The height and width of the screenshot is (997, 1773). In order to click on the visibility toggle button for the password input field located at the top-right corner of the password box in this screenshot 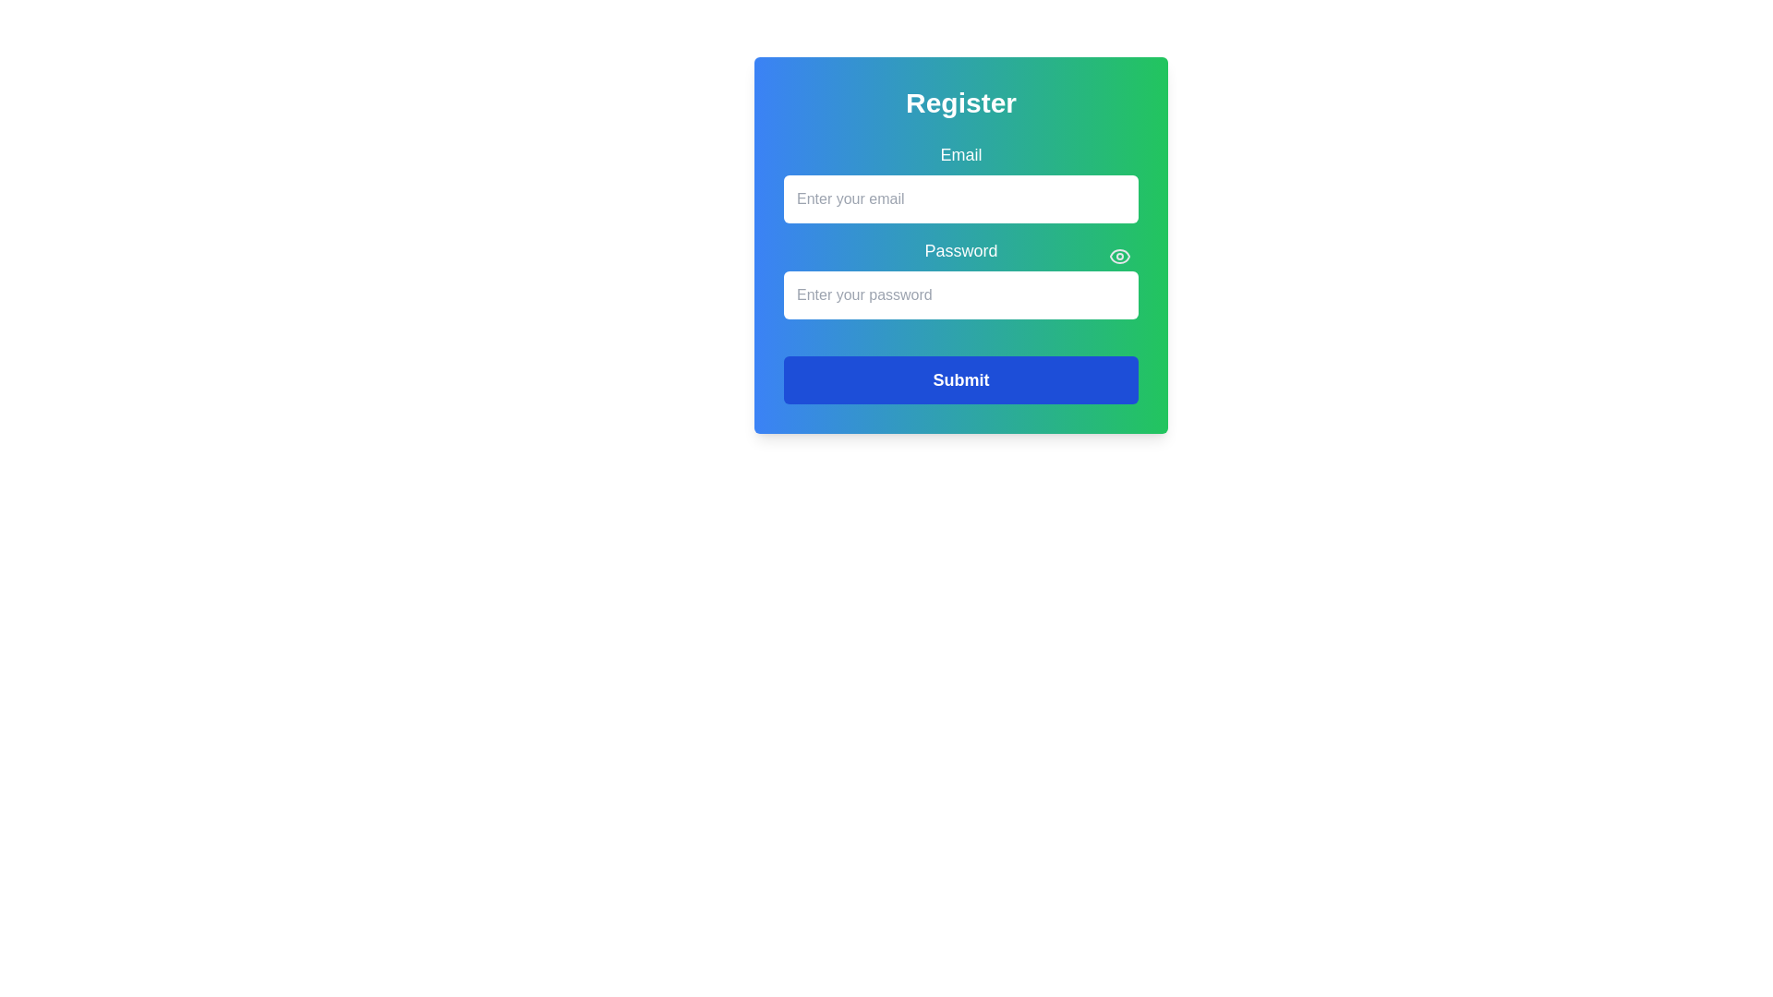, I will do `click(1119, 256)`.